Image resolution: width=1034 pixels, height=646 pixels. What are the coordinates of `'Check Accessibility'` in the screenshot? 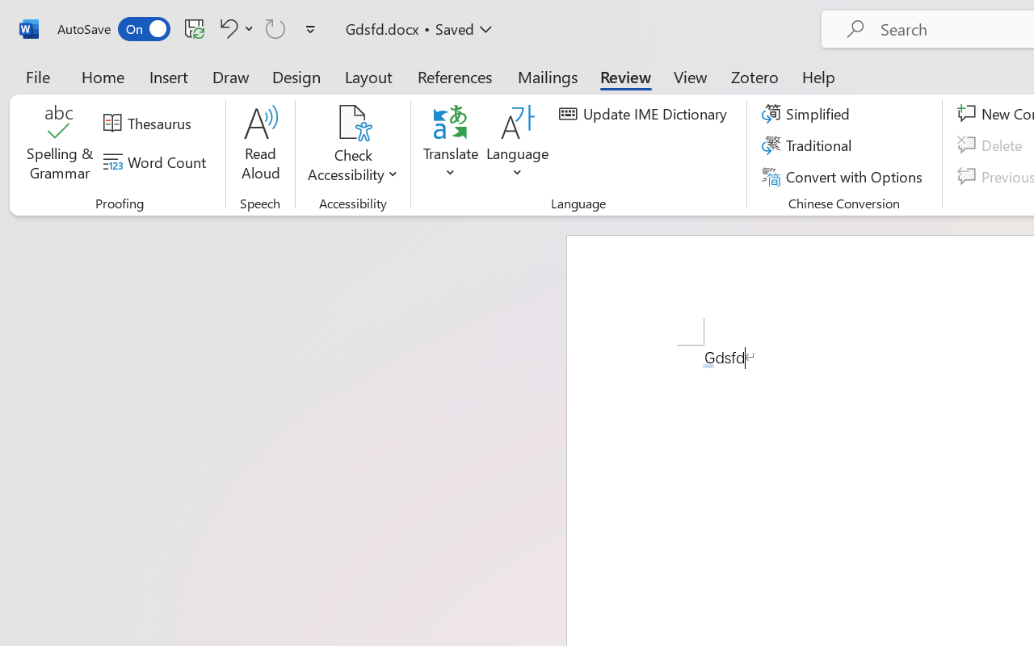 It's located at (352, 122).